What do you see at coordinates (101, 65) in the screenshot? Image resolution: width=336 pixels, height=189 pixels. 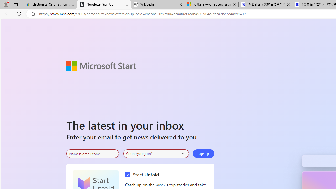 I see `'Microsoft Start'` at bounding box center [101, 65].